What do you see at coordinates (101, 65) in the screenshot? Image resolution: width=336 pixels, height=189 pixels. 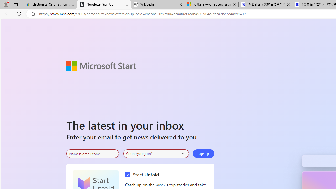 I see `'Microsoft Start'` at bounding box center [101, 65].